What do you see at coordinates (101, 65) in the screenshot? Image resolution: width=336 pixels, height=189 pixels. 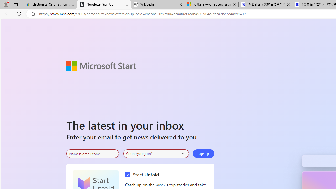 I see `'Microsoft Start'` at bounding box center [101, 65].